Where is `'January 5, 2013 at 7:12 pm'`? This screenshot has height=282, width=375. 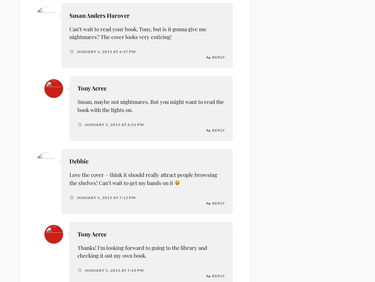
'January 5, 2013 at 7:12 pm' is located at coordinates (106, 197).